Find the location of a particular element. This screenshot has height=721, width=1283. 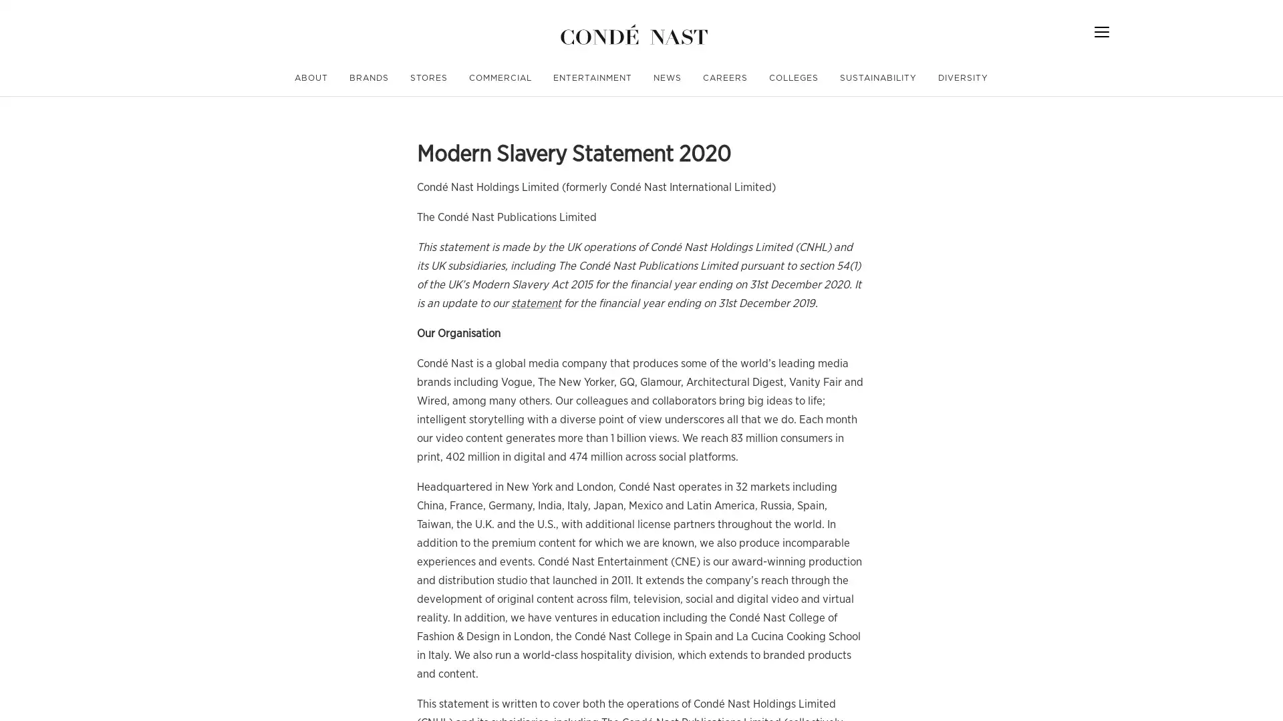

Menu is located at coordinates (1102, 32).